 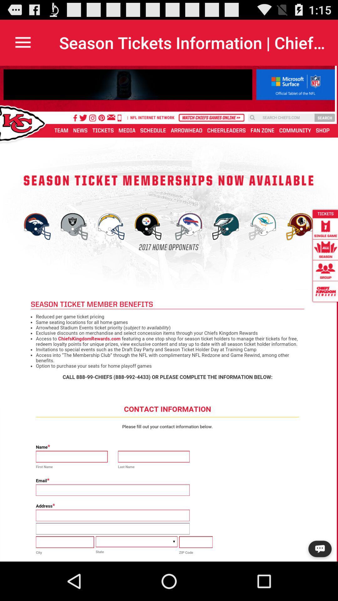 I want to click on application from of text, so click(x=169, y=314).